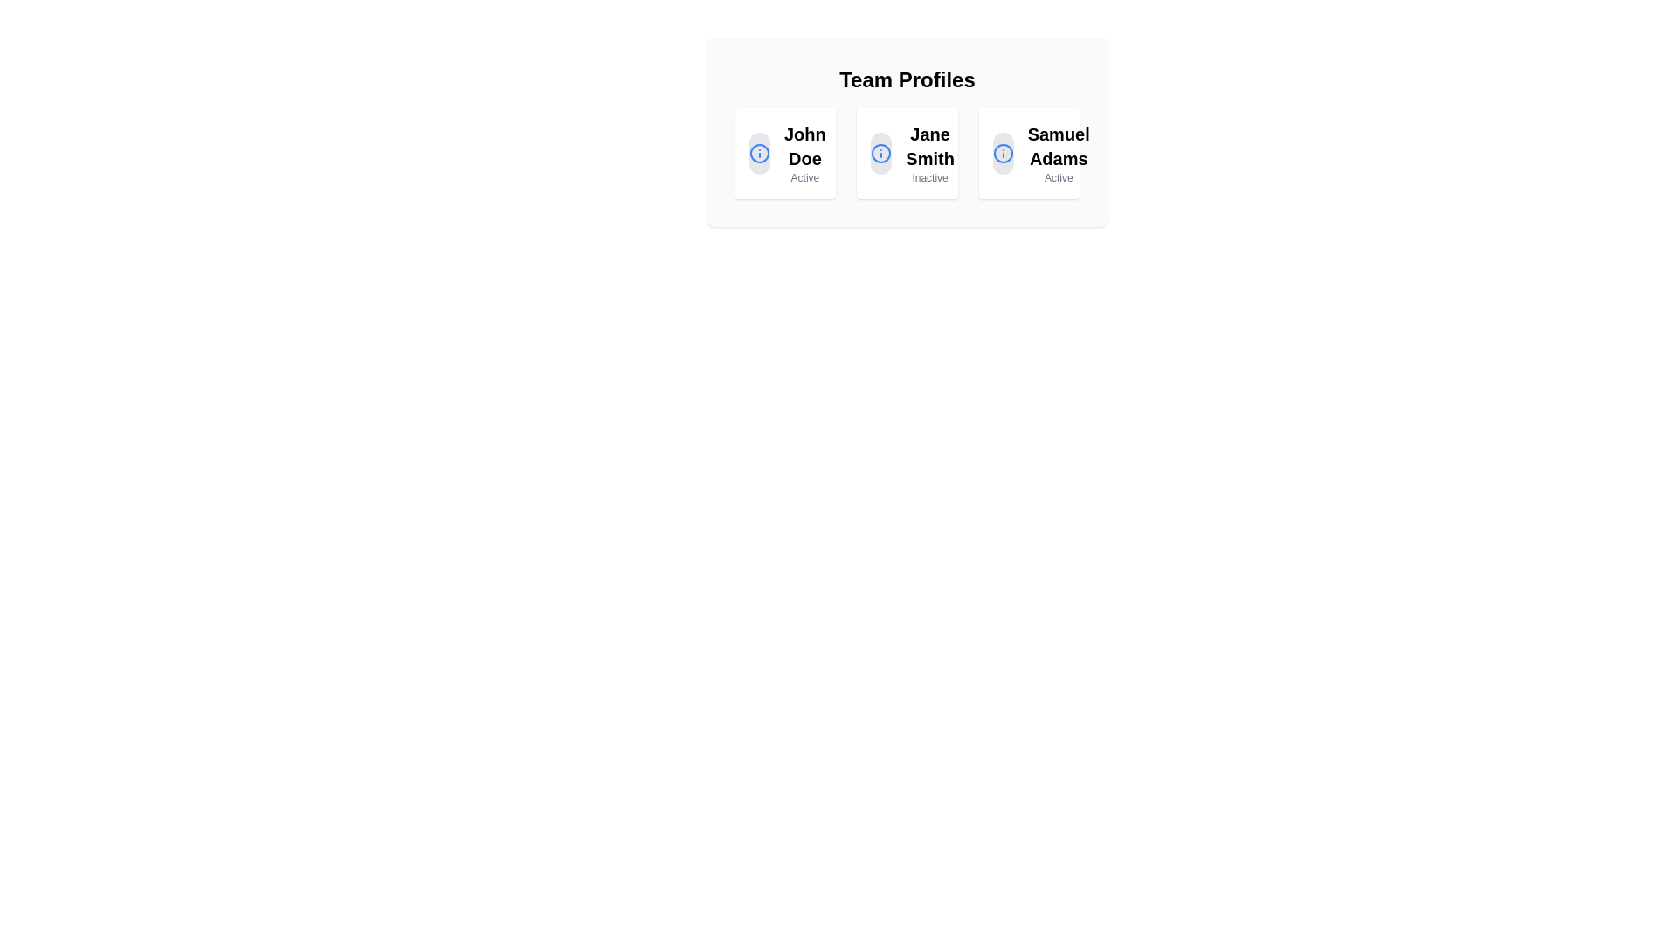 Image resolution: width=1677 pixels, height=943 pixels. I want to click on the circular icon with a light gray background and blue outlined circle containing an 'i' symbol, located above the text 'Jane Smith', so click(881, 153).